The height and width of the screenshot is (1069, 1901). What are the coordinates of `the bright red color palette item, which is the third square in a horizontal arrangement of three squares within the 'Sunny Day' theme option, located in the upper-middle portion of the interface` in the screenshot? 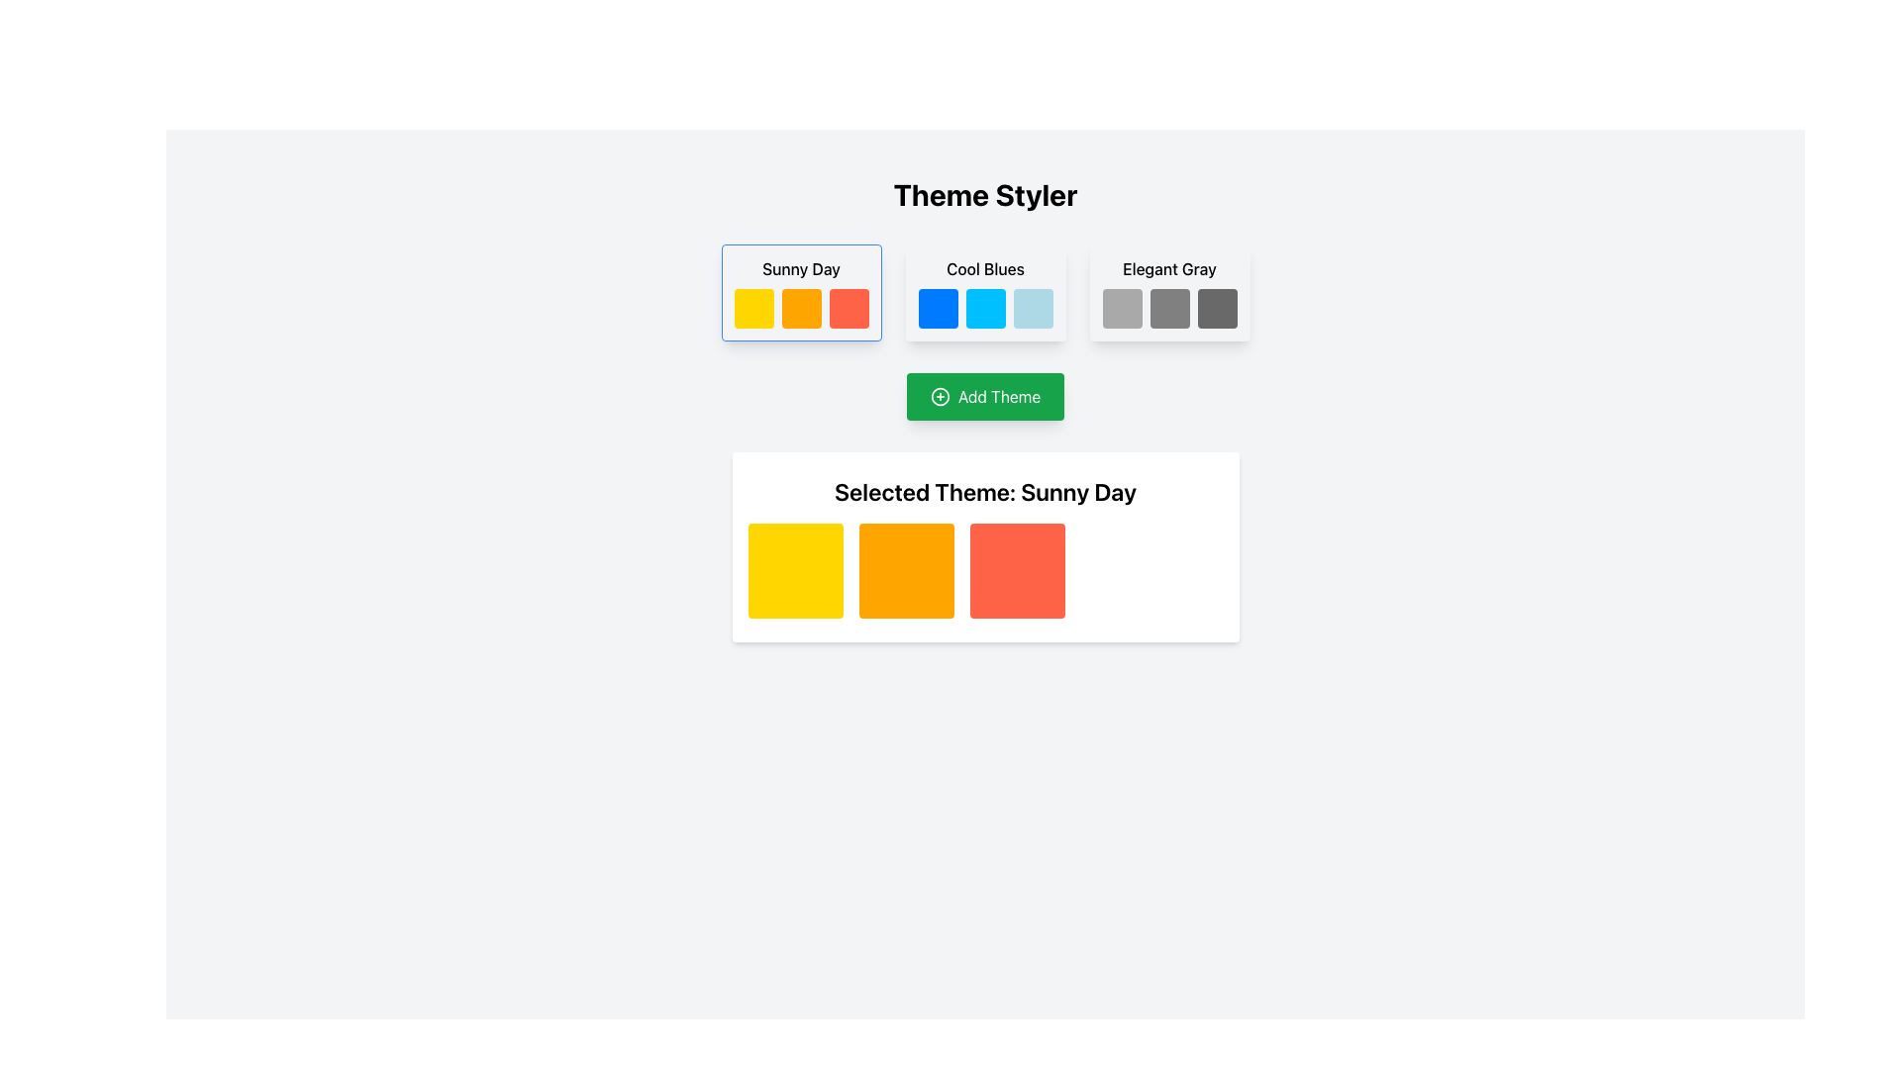 It's located at (849, 309).